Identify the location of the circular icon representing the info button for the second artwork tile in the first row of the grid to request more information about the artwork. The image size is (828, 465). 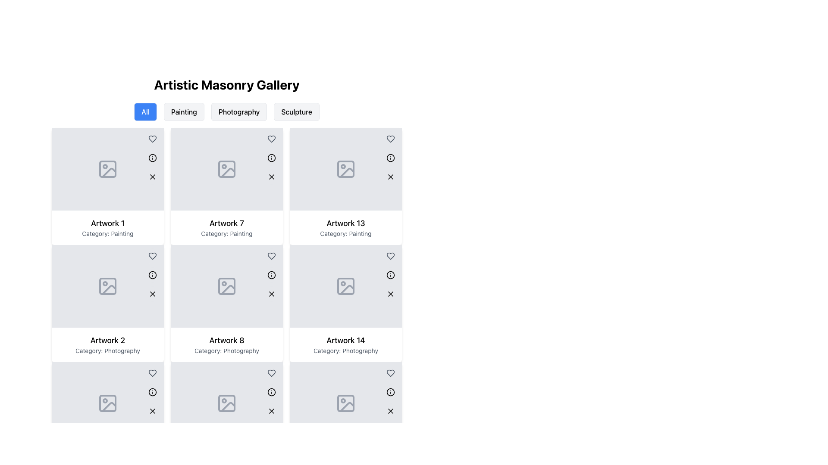
(271, 158).